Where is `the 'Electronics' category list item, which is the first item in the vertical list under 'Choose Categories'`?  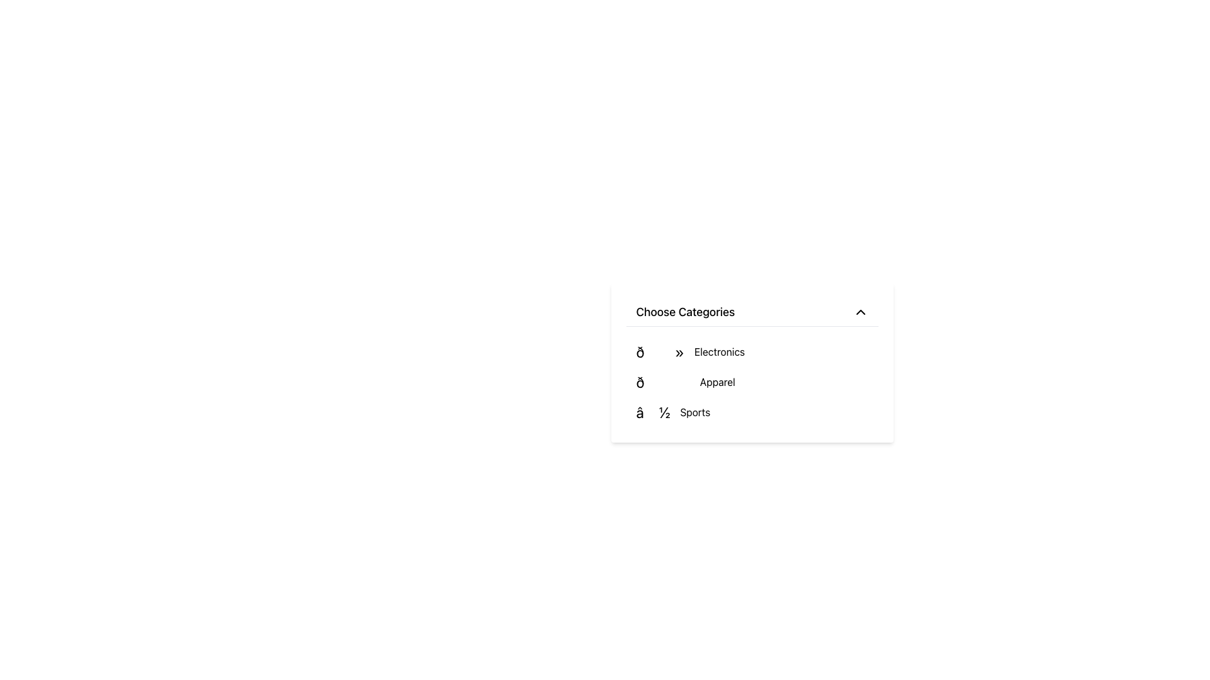
the 'Electronics' category list item, which is the first item in the vertical list under 'Choose Categories' is located at coordinates (752, 352).